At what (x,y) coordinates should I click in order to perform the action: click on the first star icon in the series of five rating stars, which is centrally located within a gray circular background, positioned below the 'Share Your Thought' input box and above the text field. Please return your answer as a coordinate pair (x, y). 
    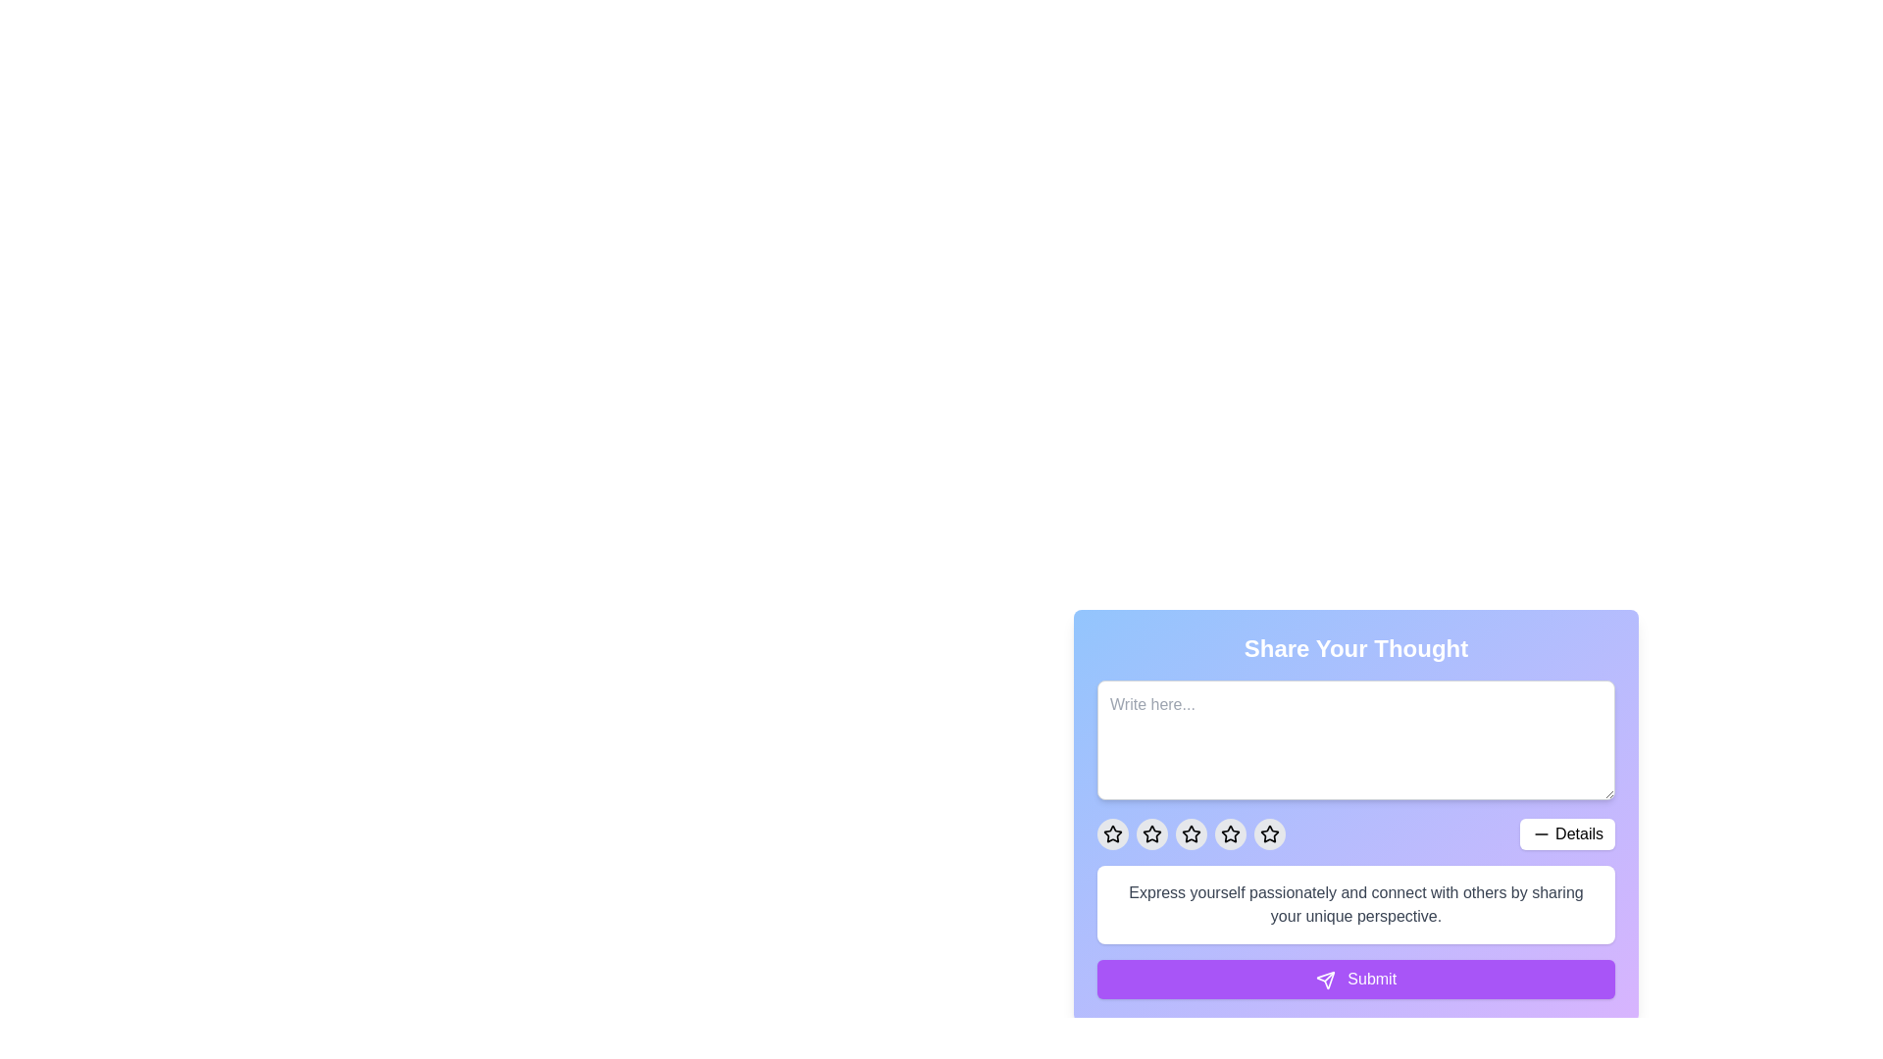
    Looking at the image, I should click on (1152, 834).